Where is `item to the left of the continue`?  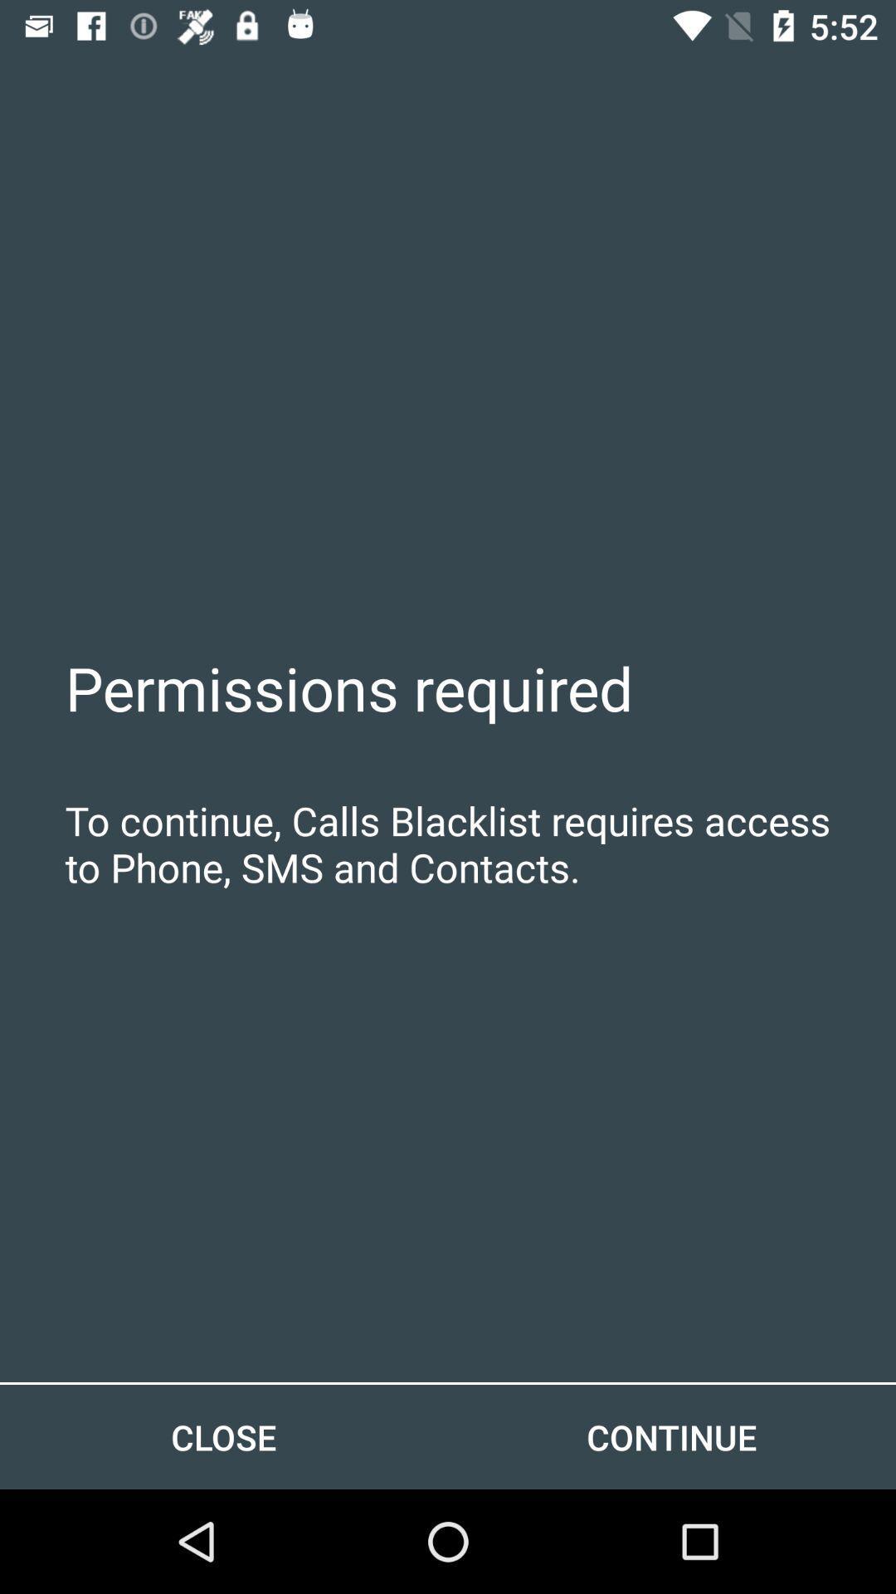
item to the left of the continue is located at coordinates (224, 1436).